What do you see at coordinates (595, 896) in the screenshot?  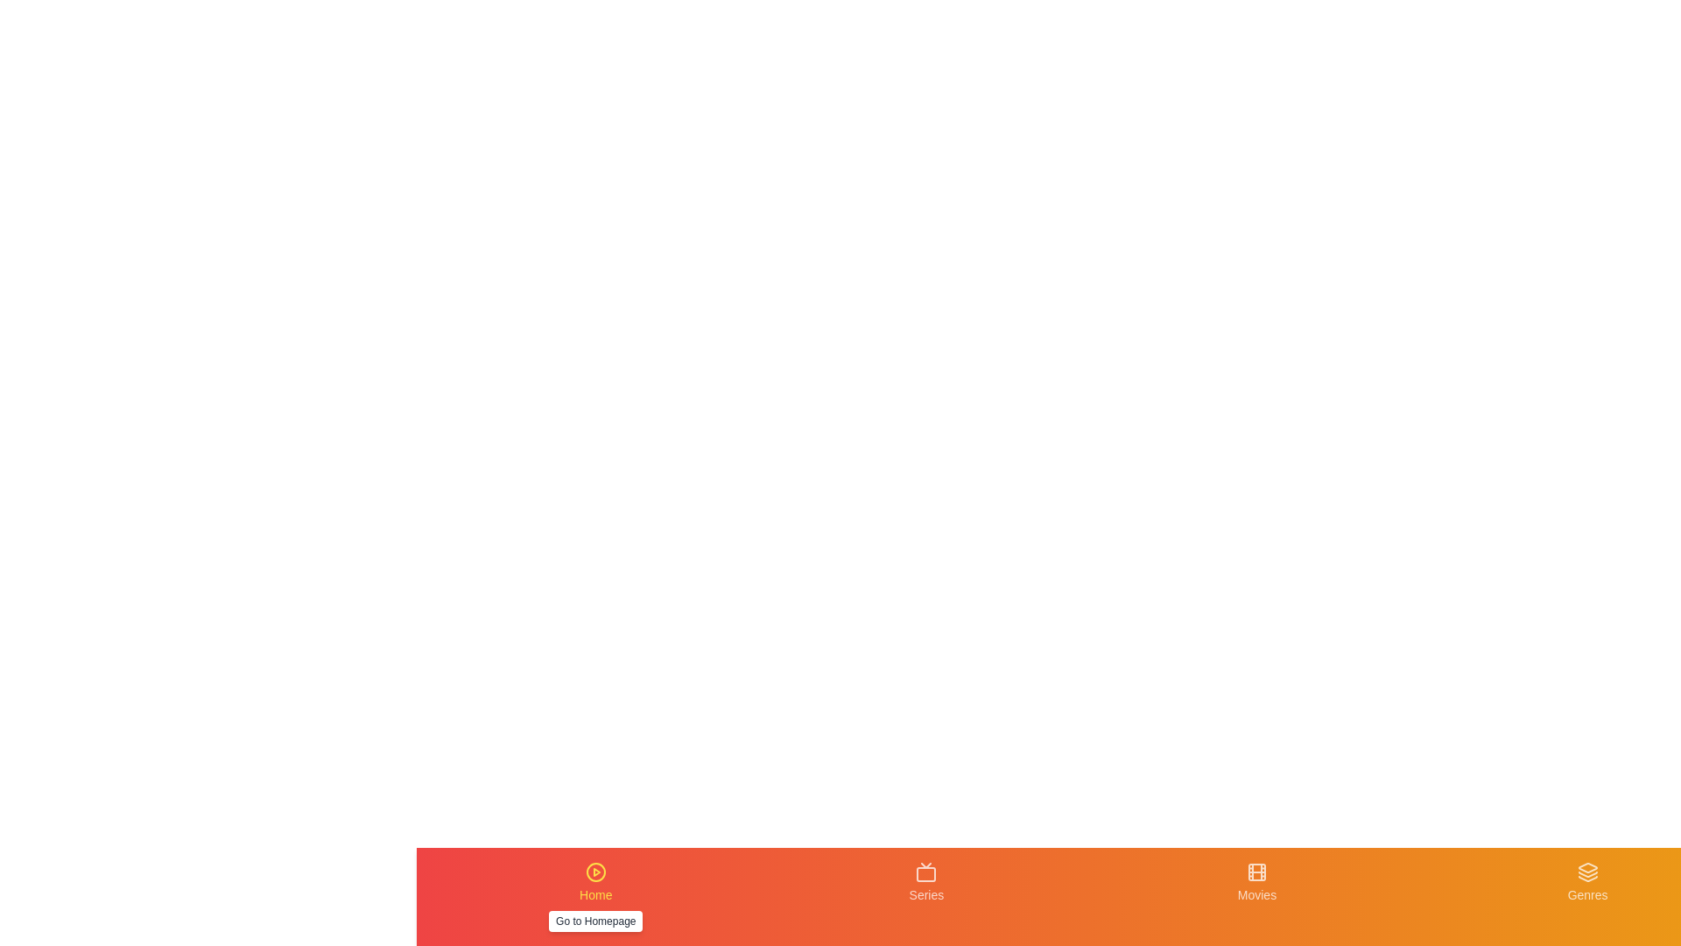 I see `the Home tab to navigate` at bounding box center [595, 896].